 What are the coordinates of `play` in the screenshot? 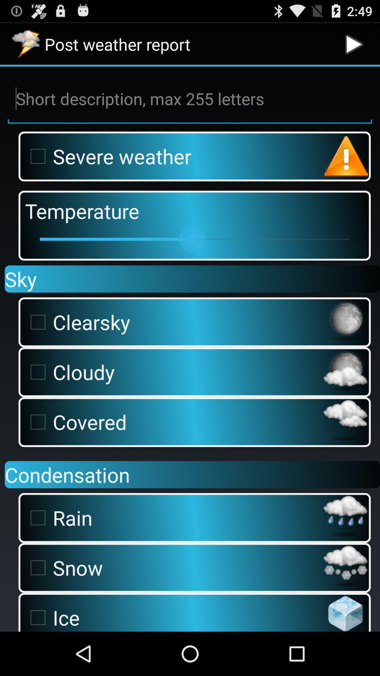 It's located at (354, 44).